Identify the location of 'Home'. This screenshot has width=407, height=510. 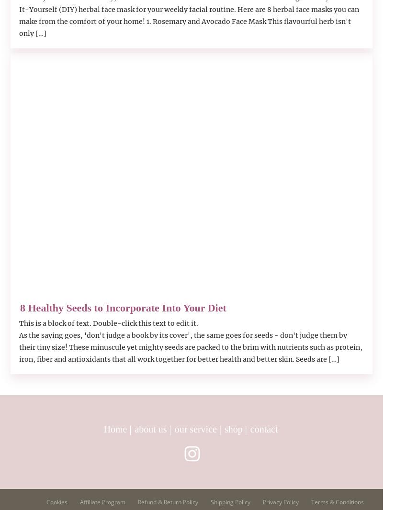
(116, 429).